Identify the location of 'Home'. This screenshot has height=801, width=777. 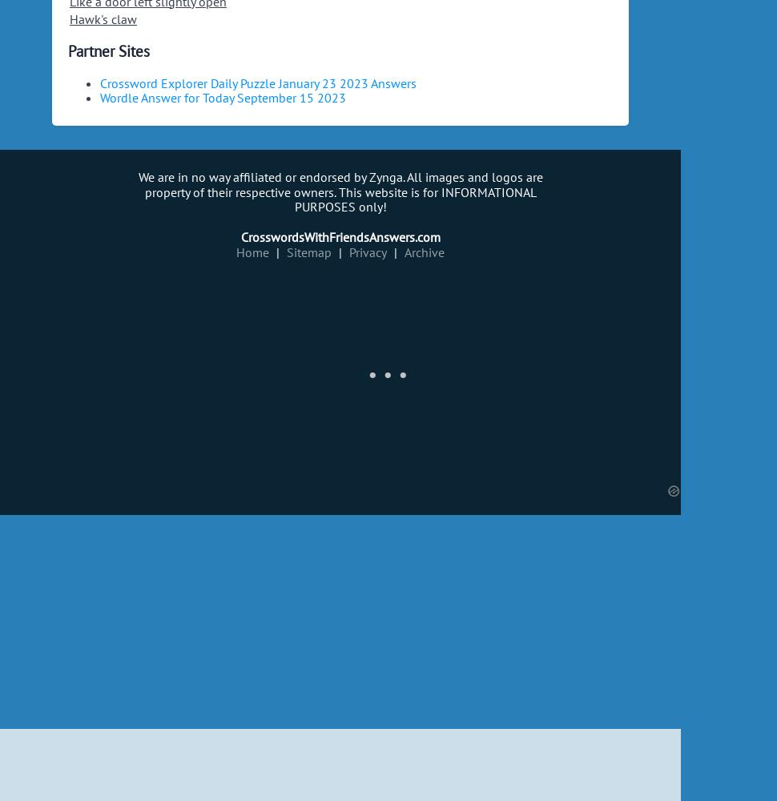
(252, 251).